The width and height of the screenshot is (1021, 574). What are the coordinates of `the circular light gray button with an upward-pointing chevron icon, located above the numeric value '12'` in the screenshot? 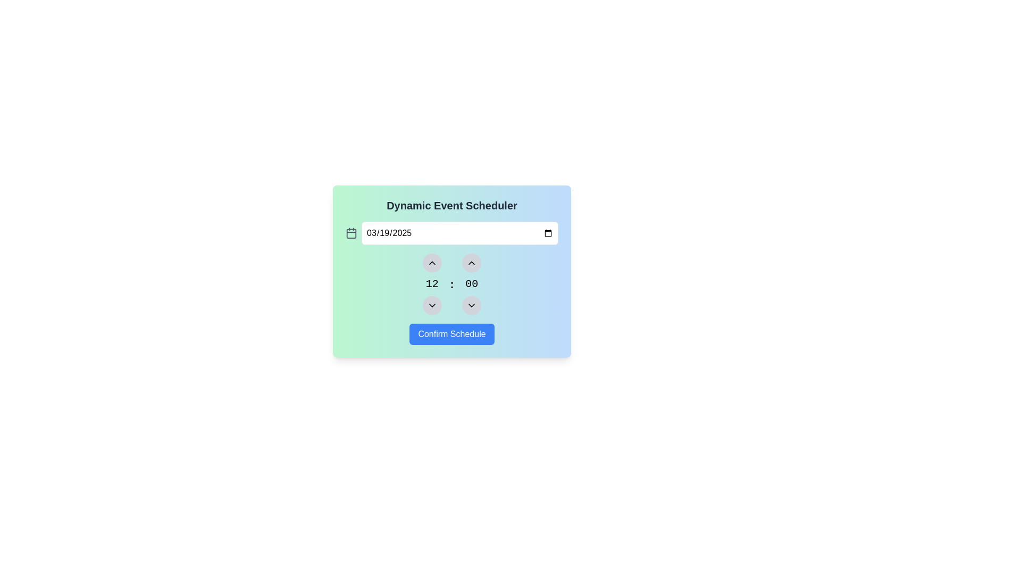 It's located at (432, 263).